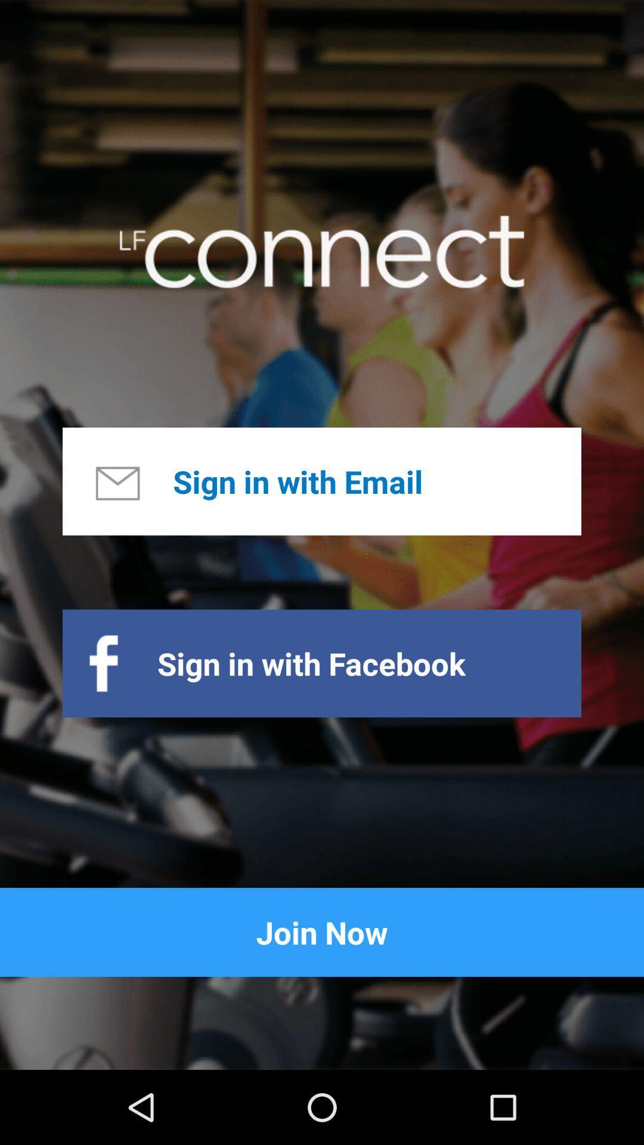 The width and height of the screenshot is (644, 1145). I want to click on join now, so click(322, 932).